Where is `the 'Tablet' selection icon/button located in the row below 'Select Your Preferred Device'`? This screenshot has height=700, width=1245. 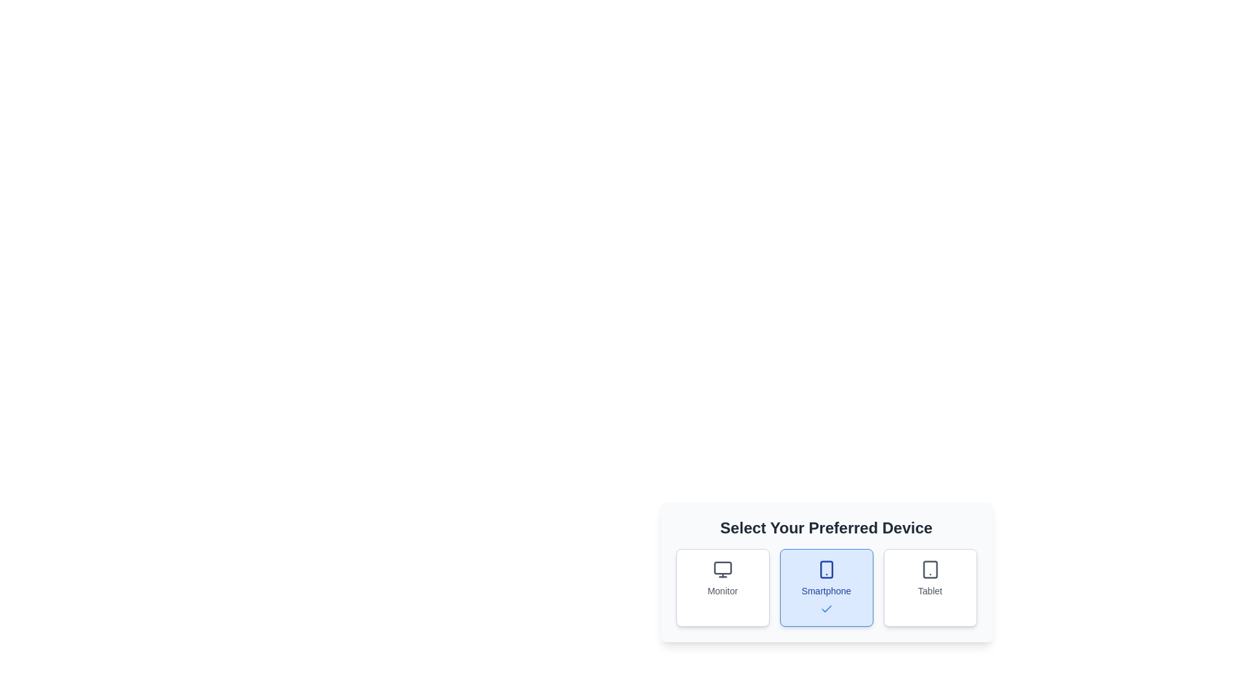 the 'Tablet' selection icon/button located in the row below 'Select Your Preferred Device' is located at coordinates (929, 569).